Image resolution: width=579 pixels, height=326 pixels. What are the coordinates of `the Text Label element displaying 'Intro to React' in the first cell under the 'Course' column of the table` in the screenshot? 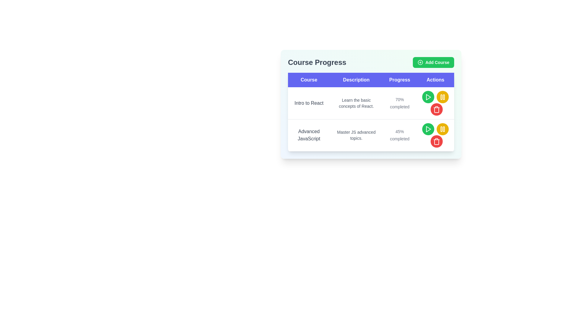 It's located at (309, 103).